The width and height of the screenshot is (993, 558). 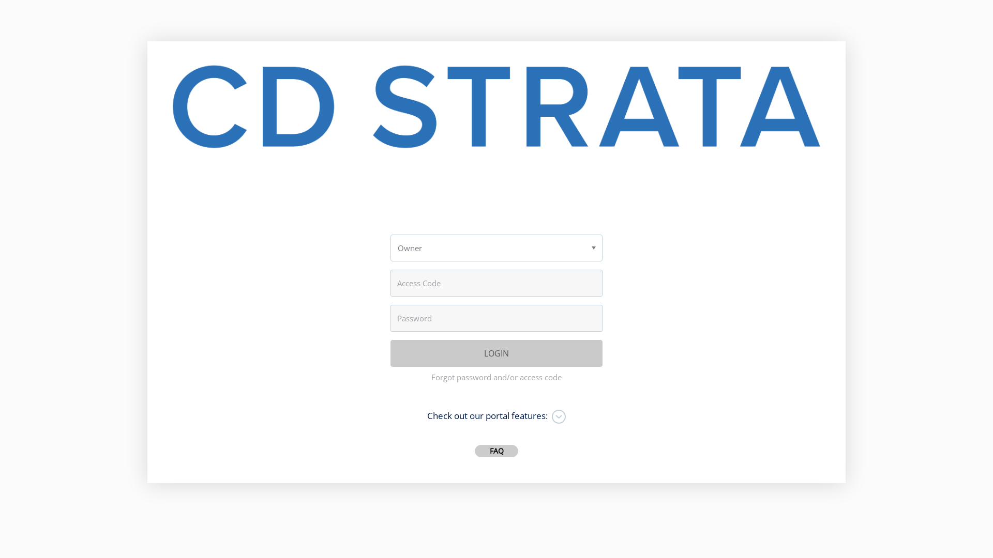 What do you see at coordinates (496, 450) in the screenshot?
I see `'FAQ'` at bounding box center [496, 450].